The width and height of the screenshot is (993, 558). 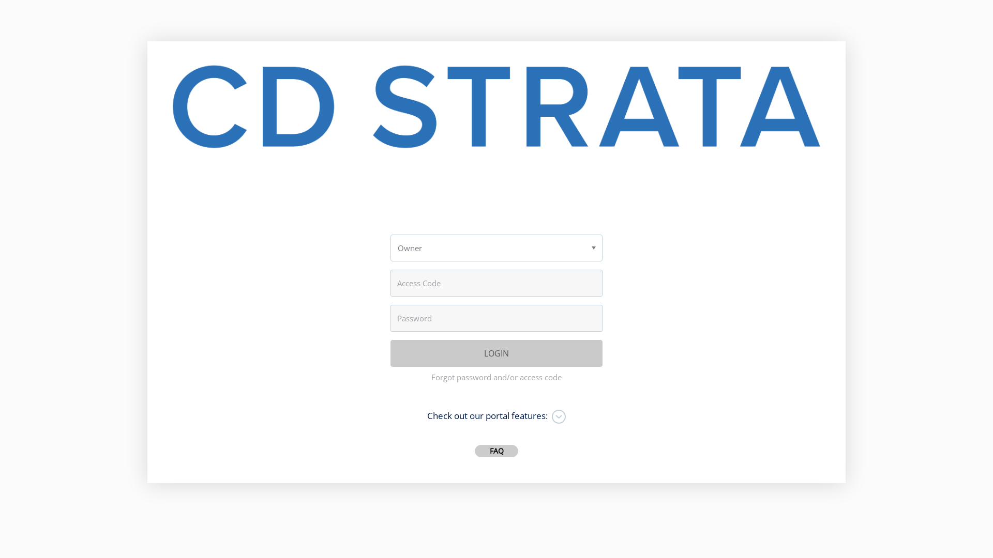 What do you see at coordinates (496, 450) in the screenshot?
I see `'FAQ'` at bounding box center [496, 450].